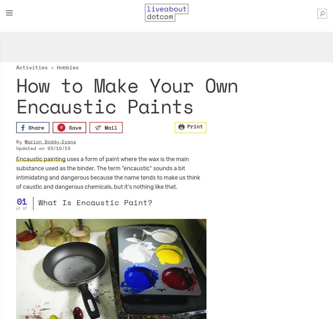 The image size is (333, 319). Describe the element at coordinates (95, 202) in the screenshot. I see `'What Is Encaustic Paint?'` at that location.